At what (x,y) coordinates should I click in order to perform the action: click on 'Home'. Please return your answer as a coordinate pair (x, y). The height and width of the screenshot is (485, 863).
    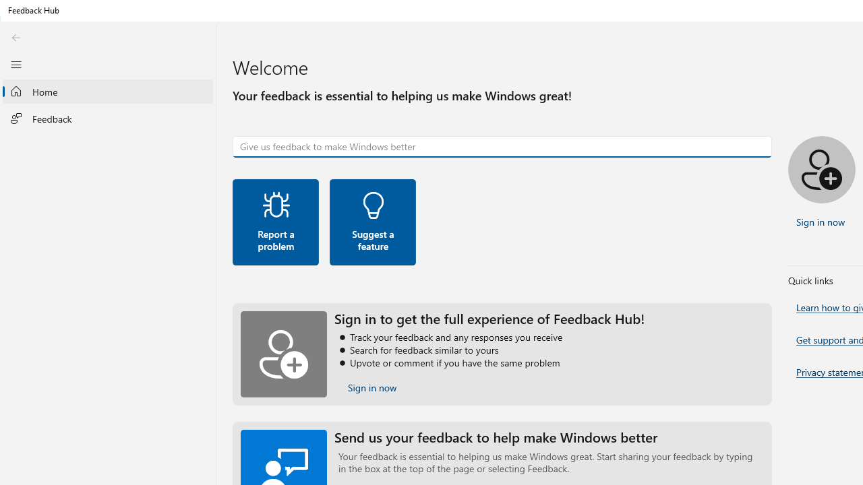
    Looking at the image, I should click on (108, 91).